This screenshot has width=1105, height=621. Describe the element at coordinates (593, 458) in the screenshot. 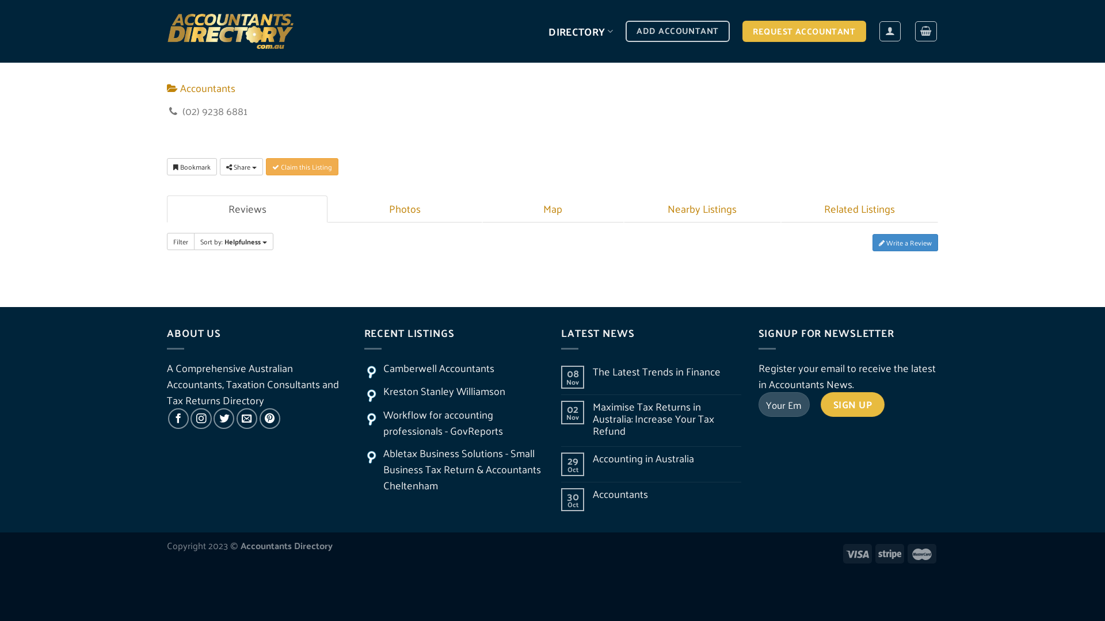

I see `'Accounting in Australia'` at that location.